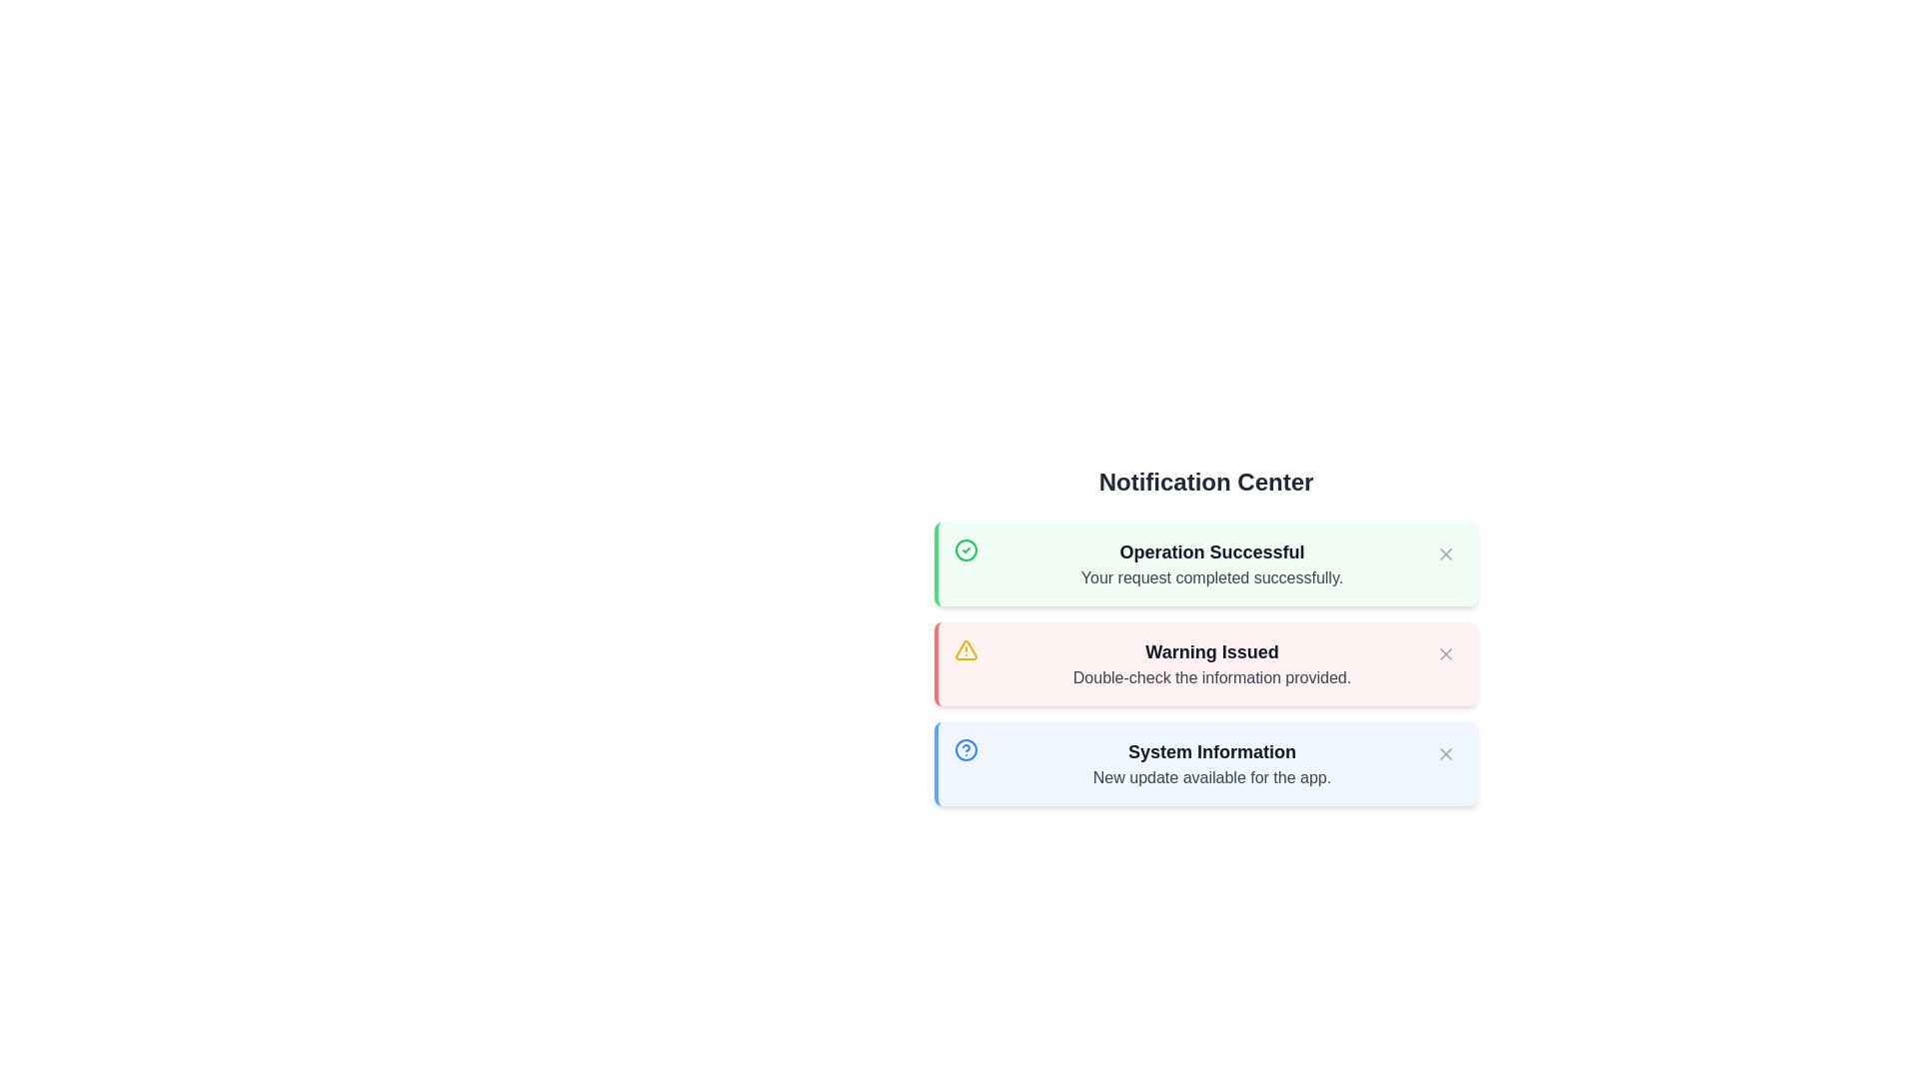 The image size is (1919, 1079). I want to click on the title text of the first notification card in the Notification Center to indicate a successful operation or status, so click(1211, 551).